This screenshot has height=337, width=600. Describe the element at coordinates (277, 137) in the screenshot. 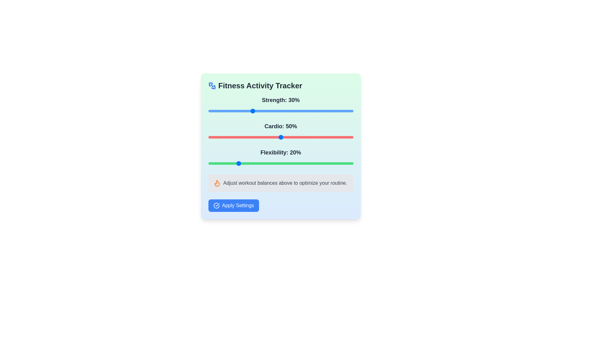

I see `cardio level` at that location.